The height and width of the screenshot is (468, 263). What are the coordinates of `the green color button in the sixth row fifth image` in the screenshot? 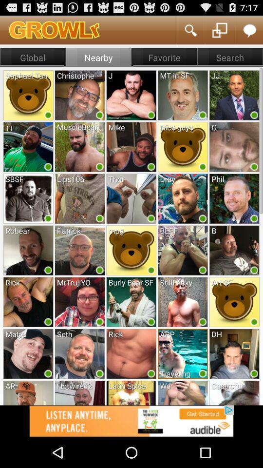 It's located at (254, 373).